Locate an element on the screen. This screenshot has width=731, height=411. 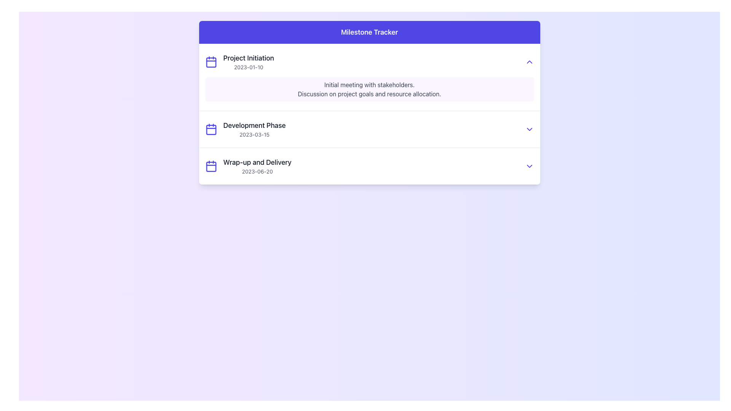
text content of the Text Label displaying 'Development Phase' and '2023-03-15', which is the second milestone in the list is located at coordinates (254, 129).